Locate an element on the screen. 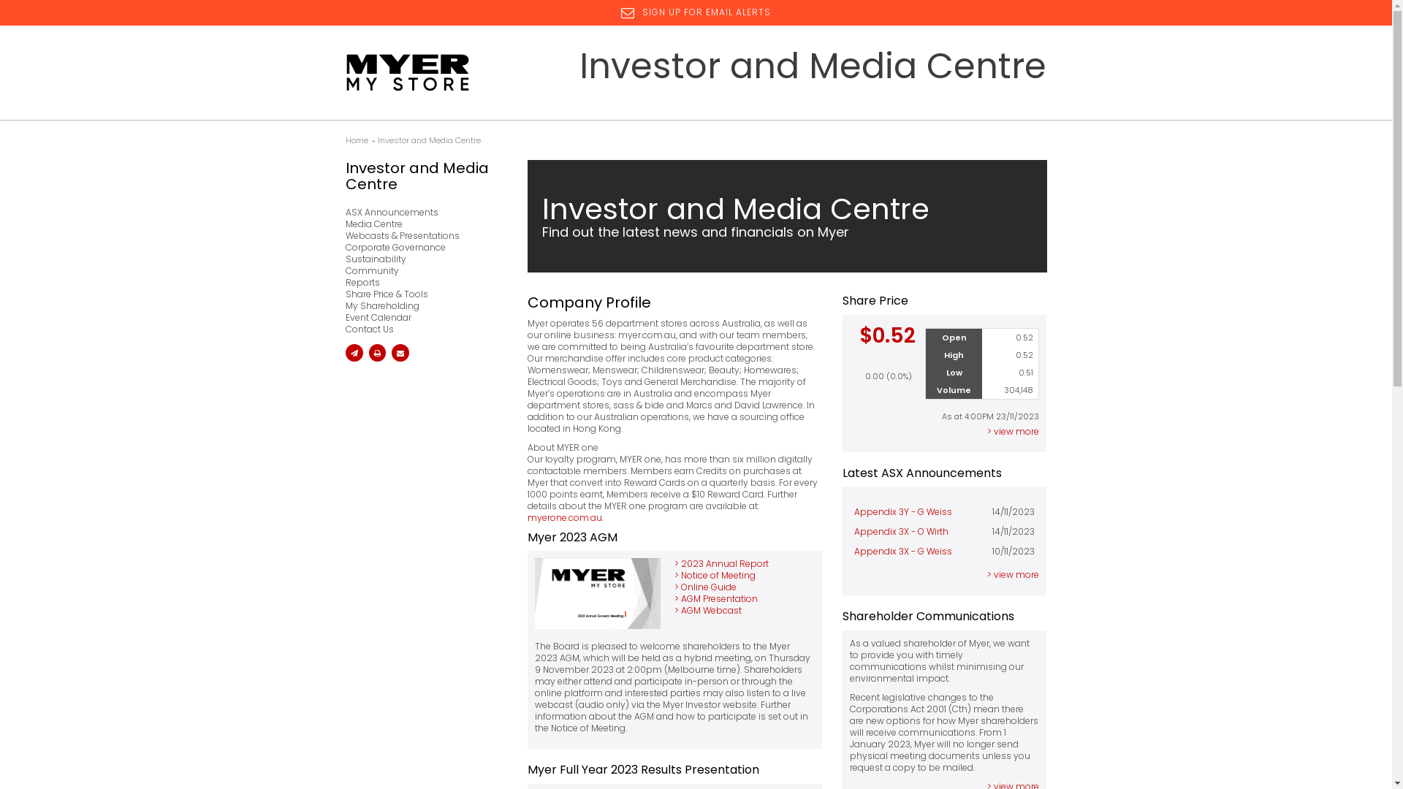 The image size is (1403, 789). 'Webcasts & Presentations' is located at coordinates (421, 235).